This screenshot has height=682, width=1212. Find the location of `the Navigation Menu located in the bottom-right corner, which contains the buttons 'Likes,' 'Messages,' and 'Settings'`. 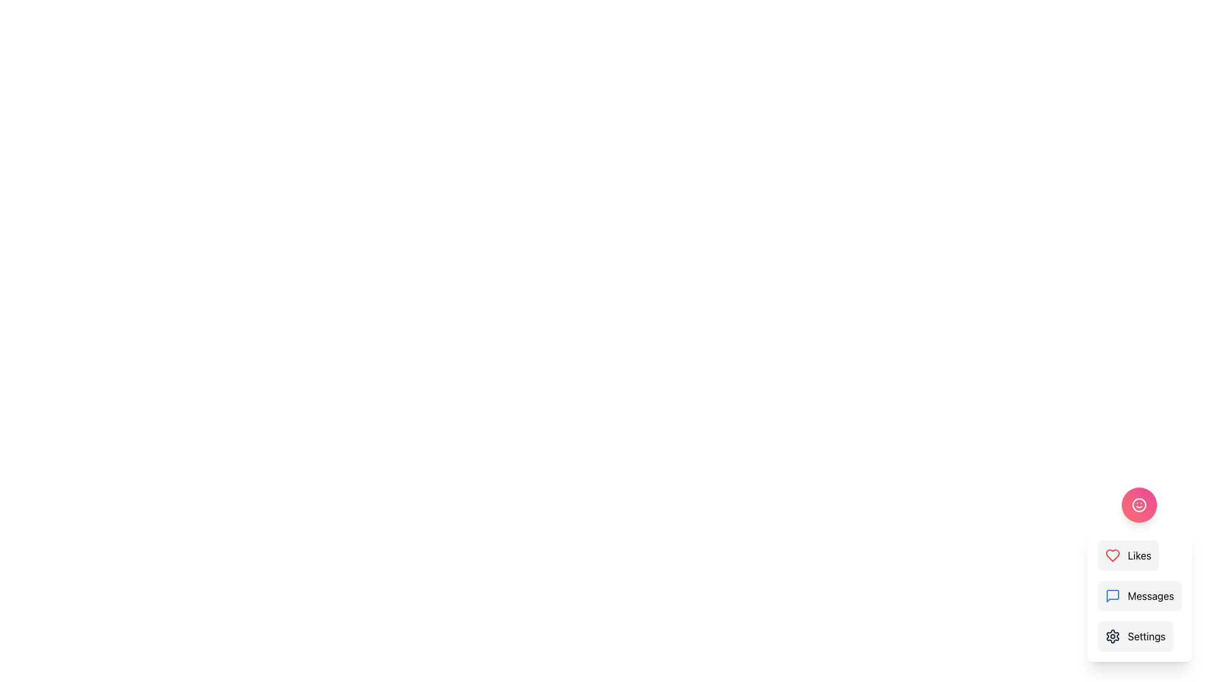

the Navigation Menu located in the bottom-right corner, which contains the buttons 'Likes,' 'Messages,' and 'Settings' is located at coordinates (1139, 575).